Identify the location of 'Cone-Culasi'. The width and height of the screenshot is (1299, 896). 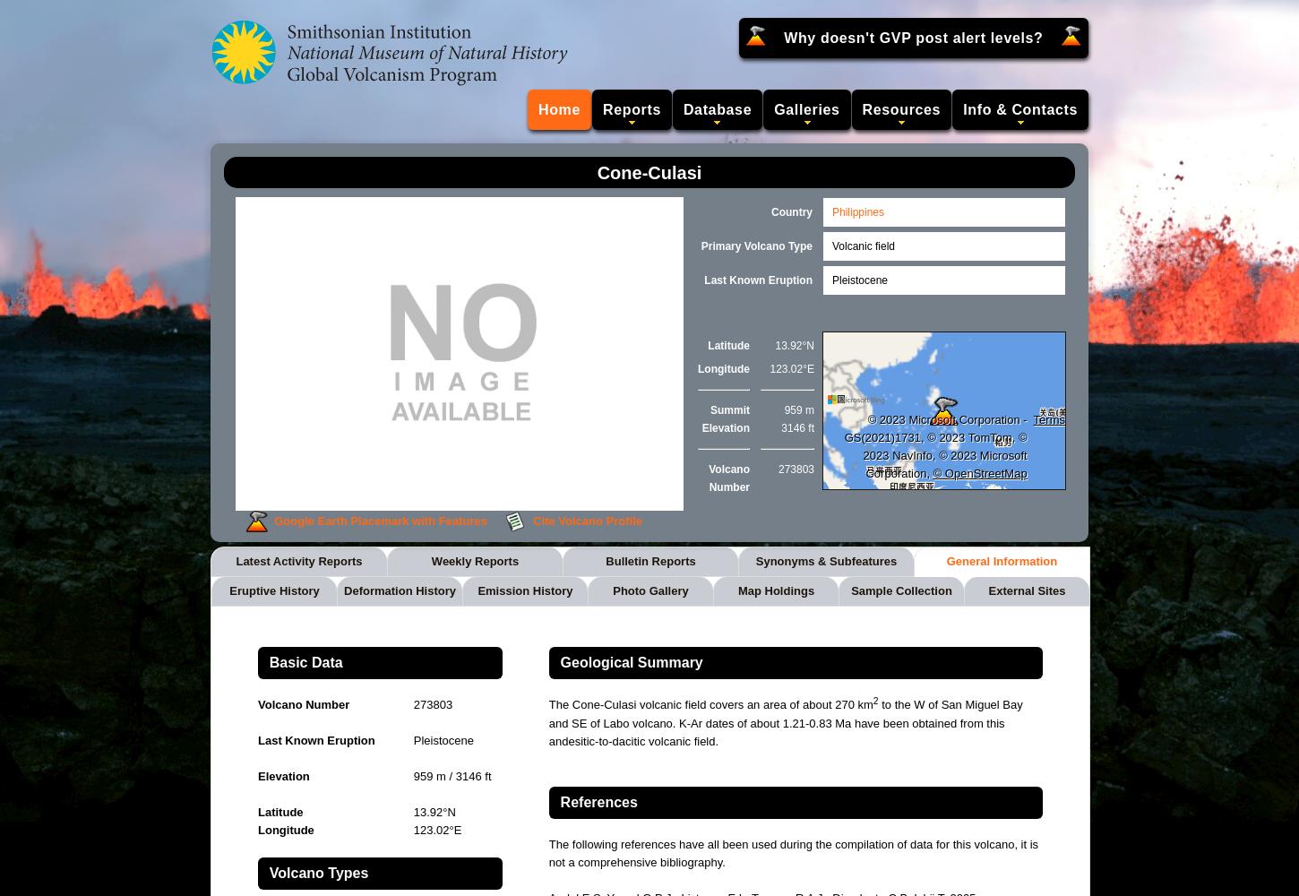
(648, 172).